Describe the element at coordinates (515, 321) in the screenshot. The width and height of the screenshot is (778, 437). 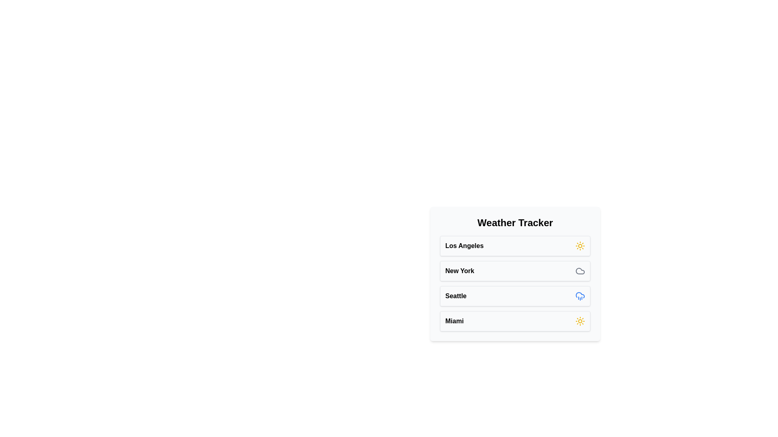
I see `the city row corresponding to Miami to toggle its weather status` at that location.